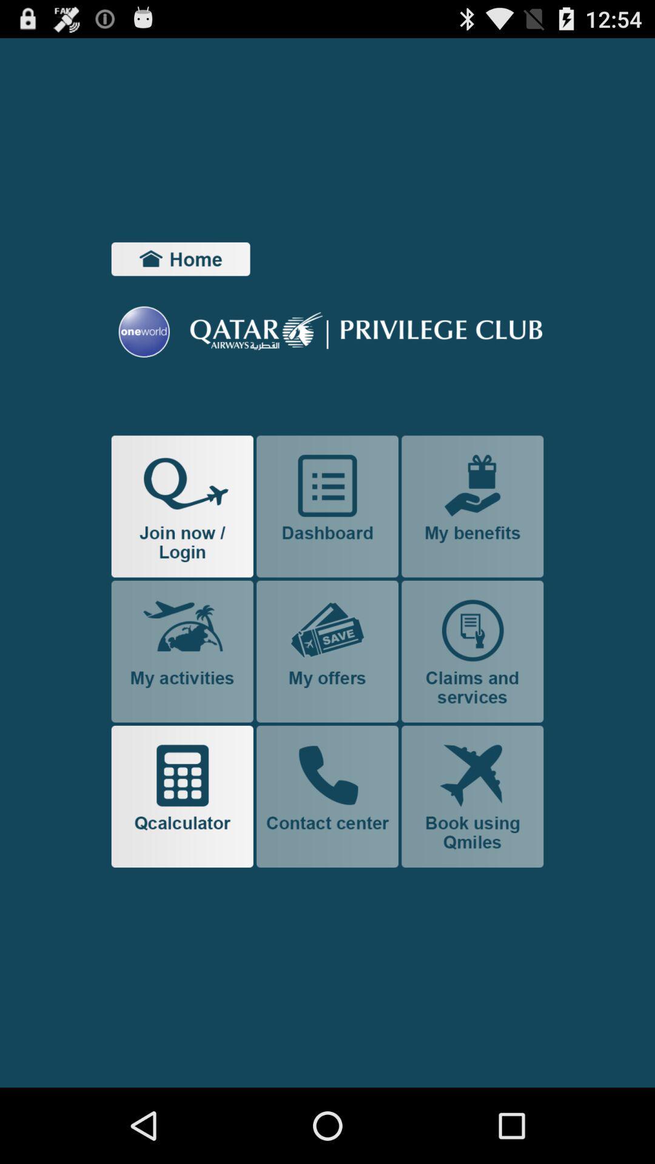  I want to click on goes to calculator, so click(182, 797).